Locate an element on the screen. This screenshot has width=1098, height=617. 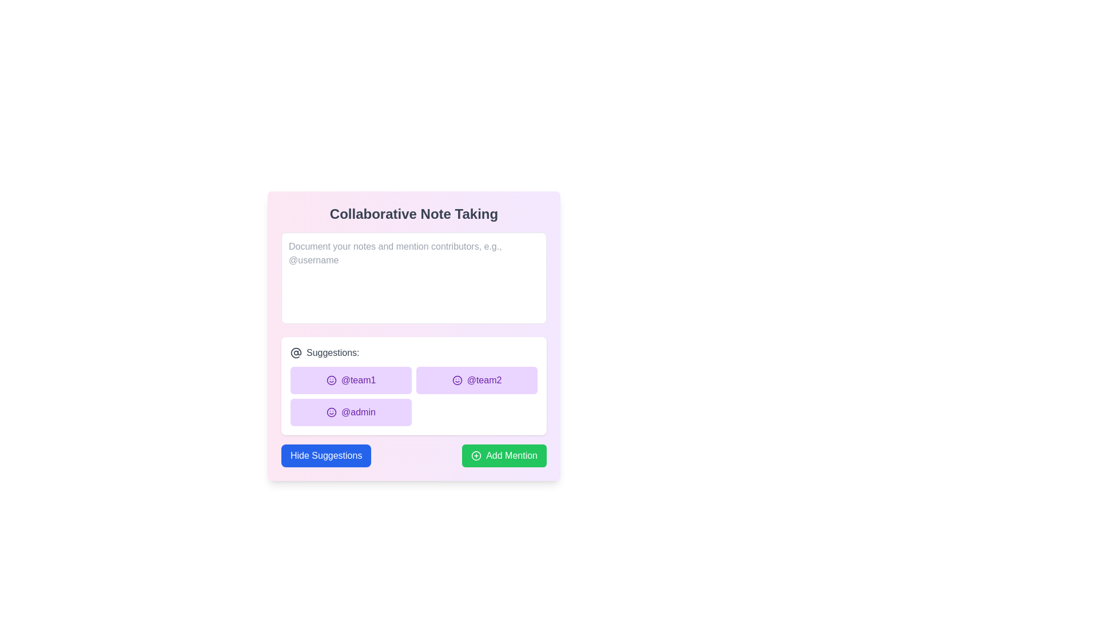
the button that adds mentions, located at the bottom right corner adjacent to the 'Hide Suggestions' button is located at coordinates (504, 455).